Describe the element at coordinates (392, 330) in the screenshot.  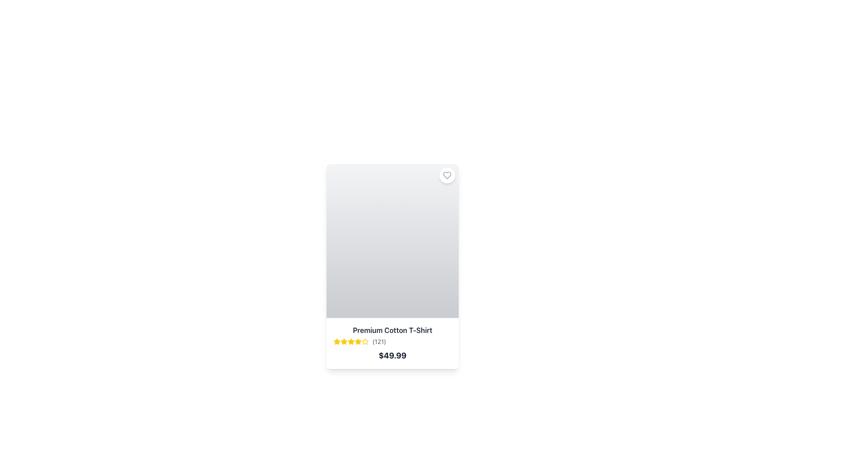
I see `the text label displaying 'Premium Cotton T-Shirt' which is prominently positioned in the product card layout` at that location.